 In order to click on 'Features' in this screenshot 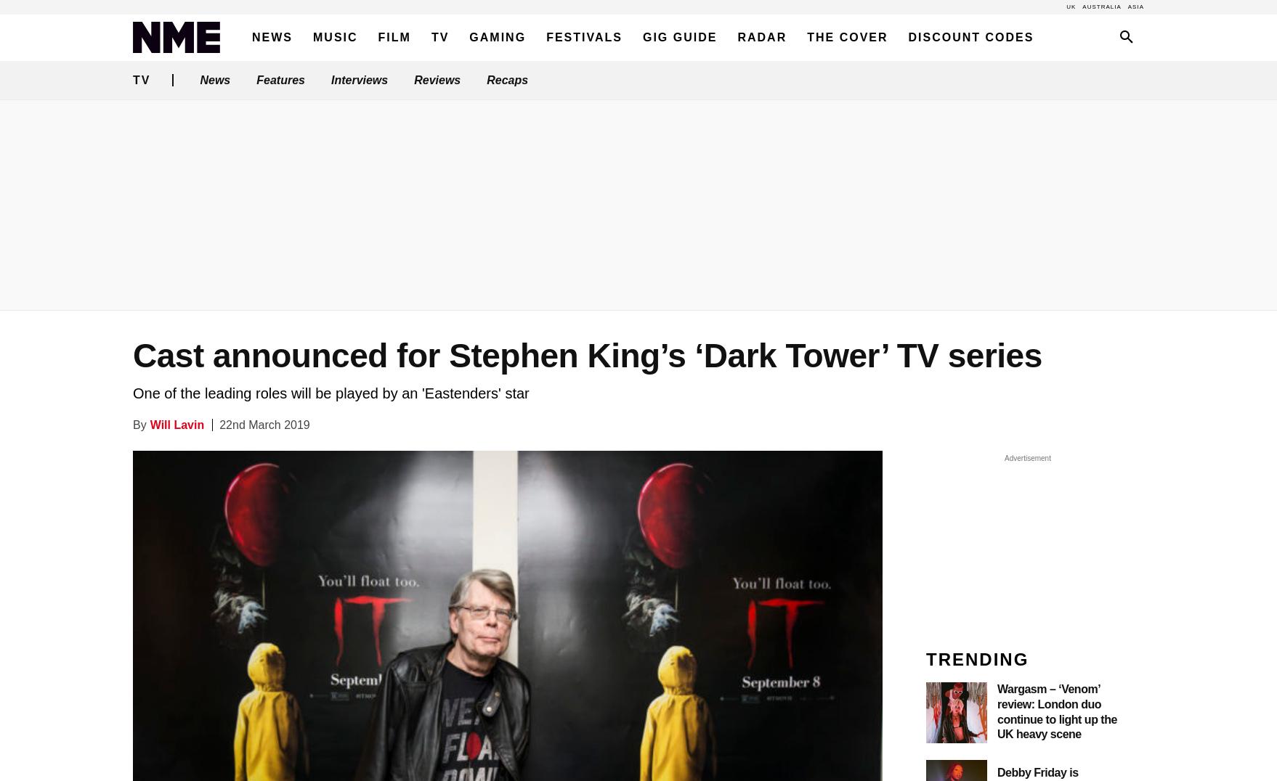, I will do `click(280, 79)`.